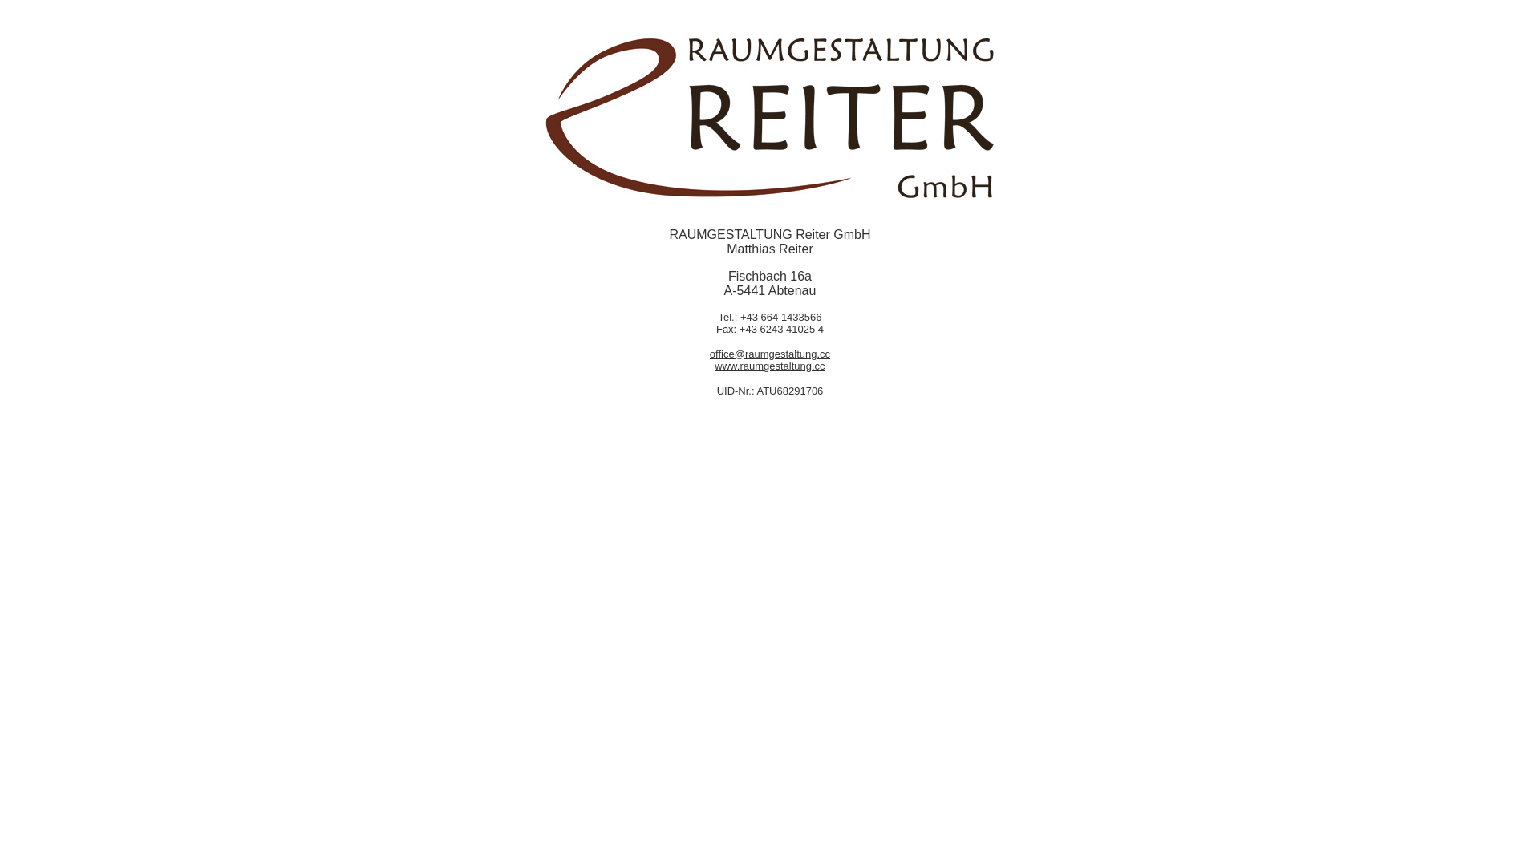  What do you see at coordinates (768, 366) in the screenshot?
I see `'www.raumgestaltung.cc'` at bounding box center [768, 366].